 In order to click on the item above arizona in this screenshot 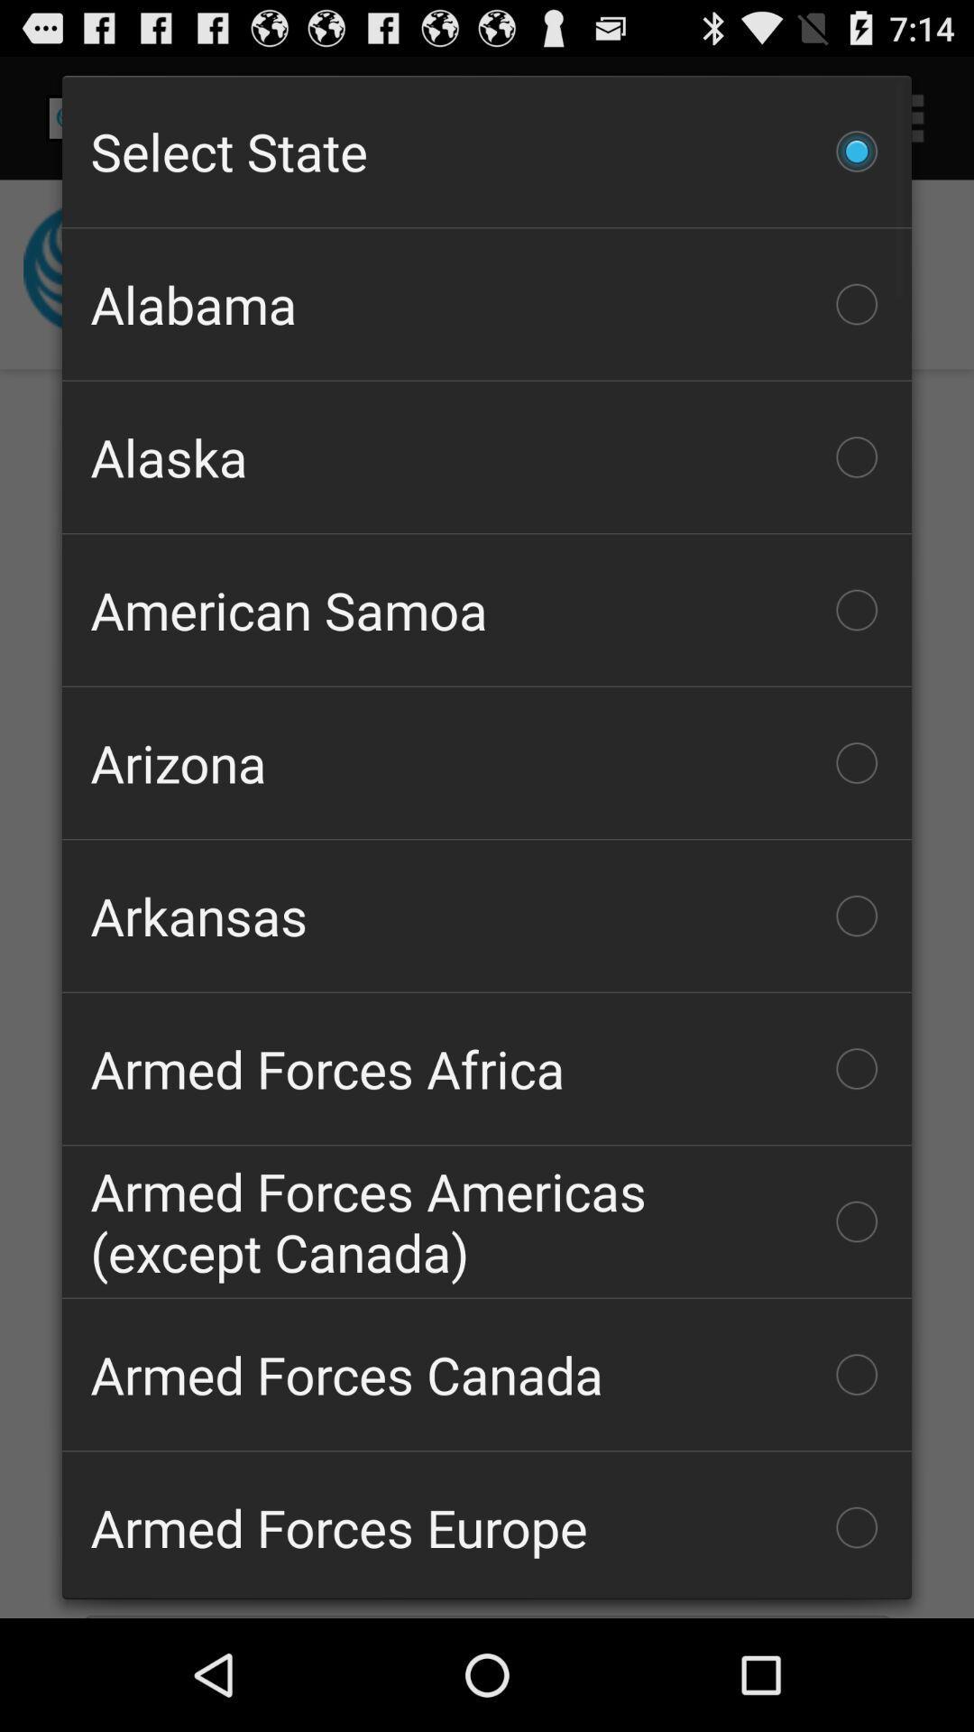, I will do `click(487, 610)`.